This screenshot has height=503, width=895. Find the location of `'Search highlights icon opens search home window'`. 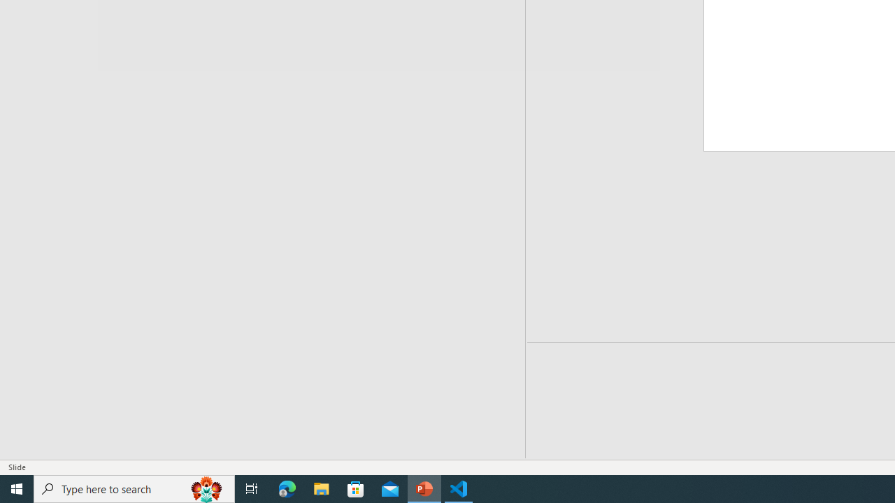

'Search highlights icon opens search home window' is located at coordinates (206, 488).